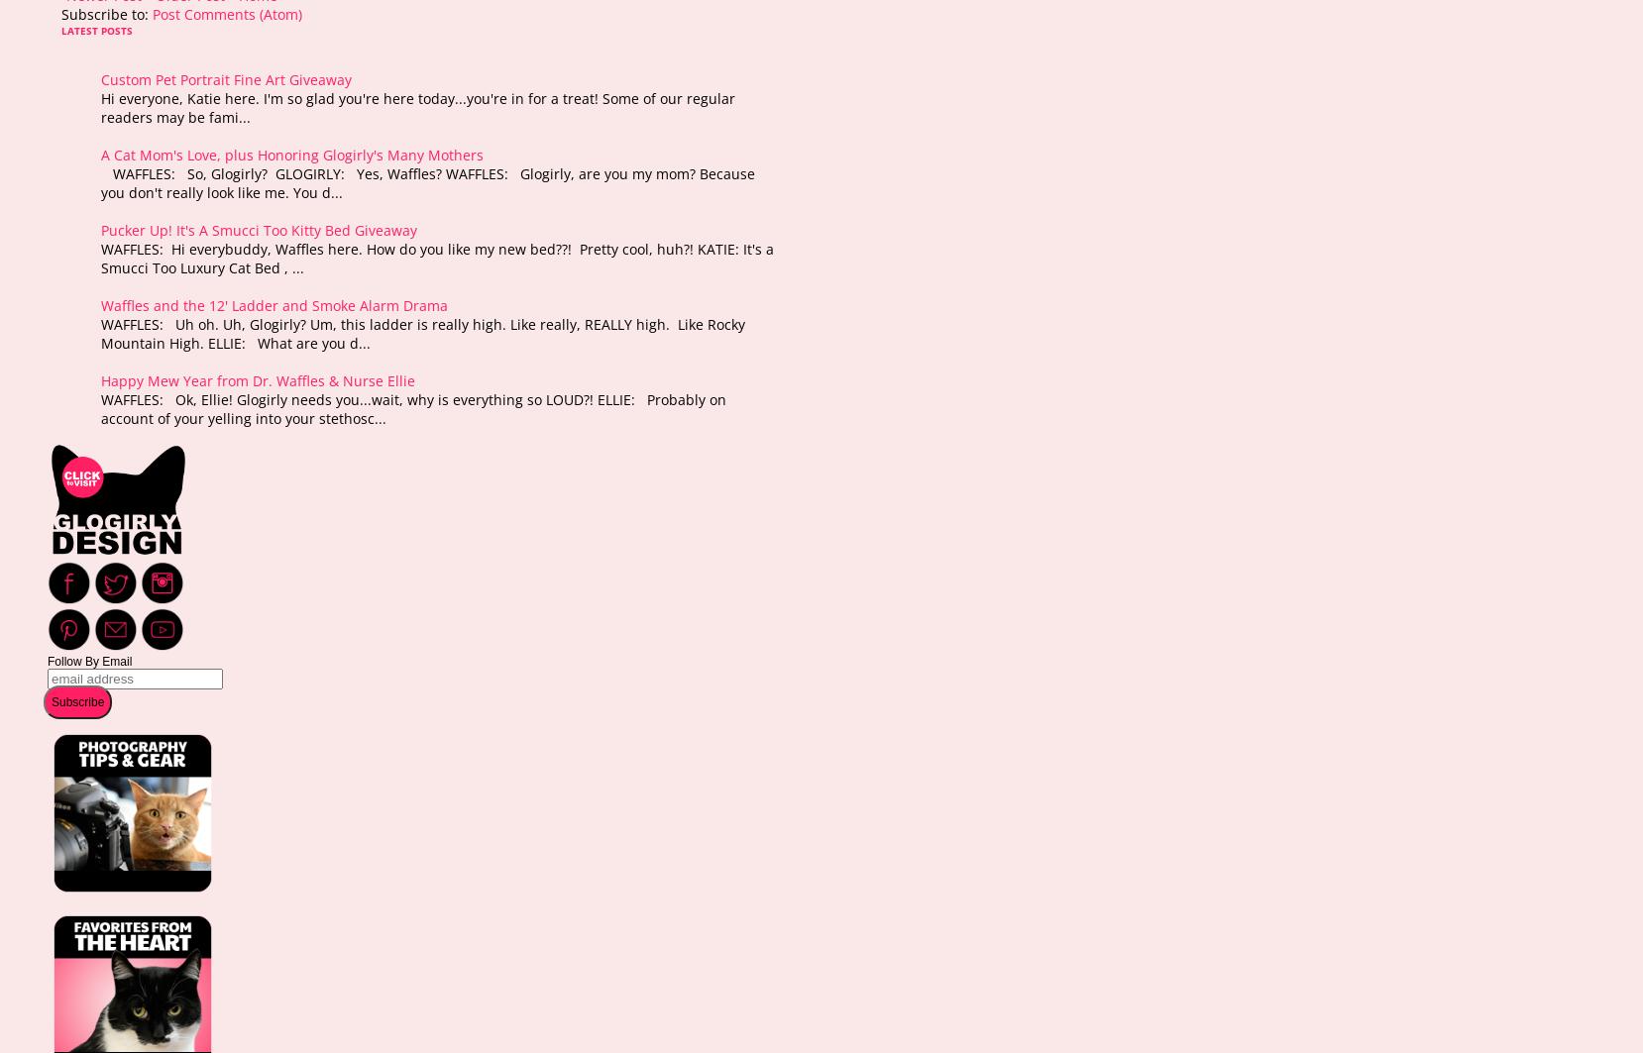 The image size is (1643, 1053). I want to click on 'Hi everyone, Katie here.   I'm so glad you're here today...you're in for a treat! Some of our regular readers may be fami...', so click(417, 107).